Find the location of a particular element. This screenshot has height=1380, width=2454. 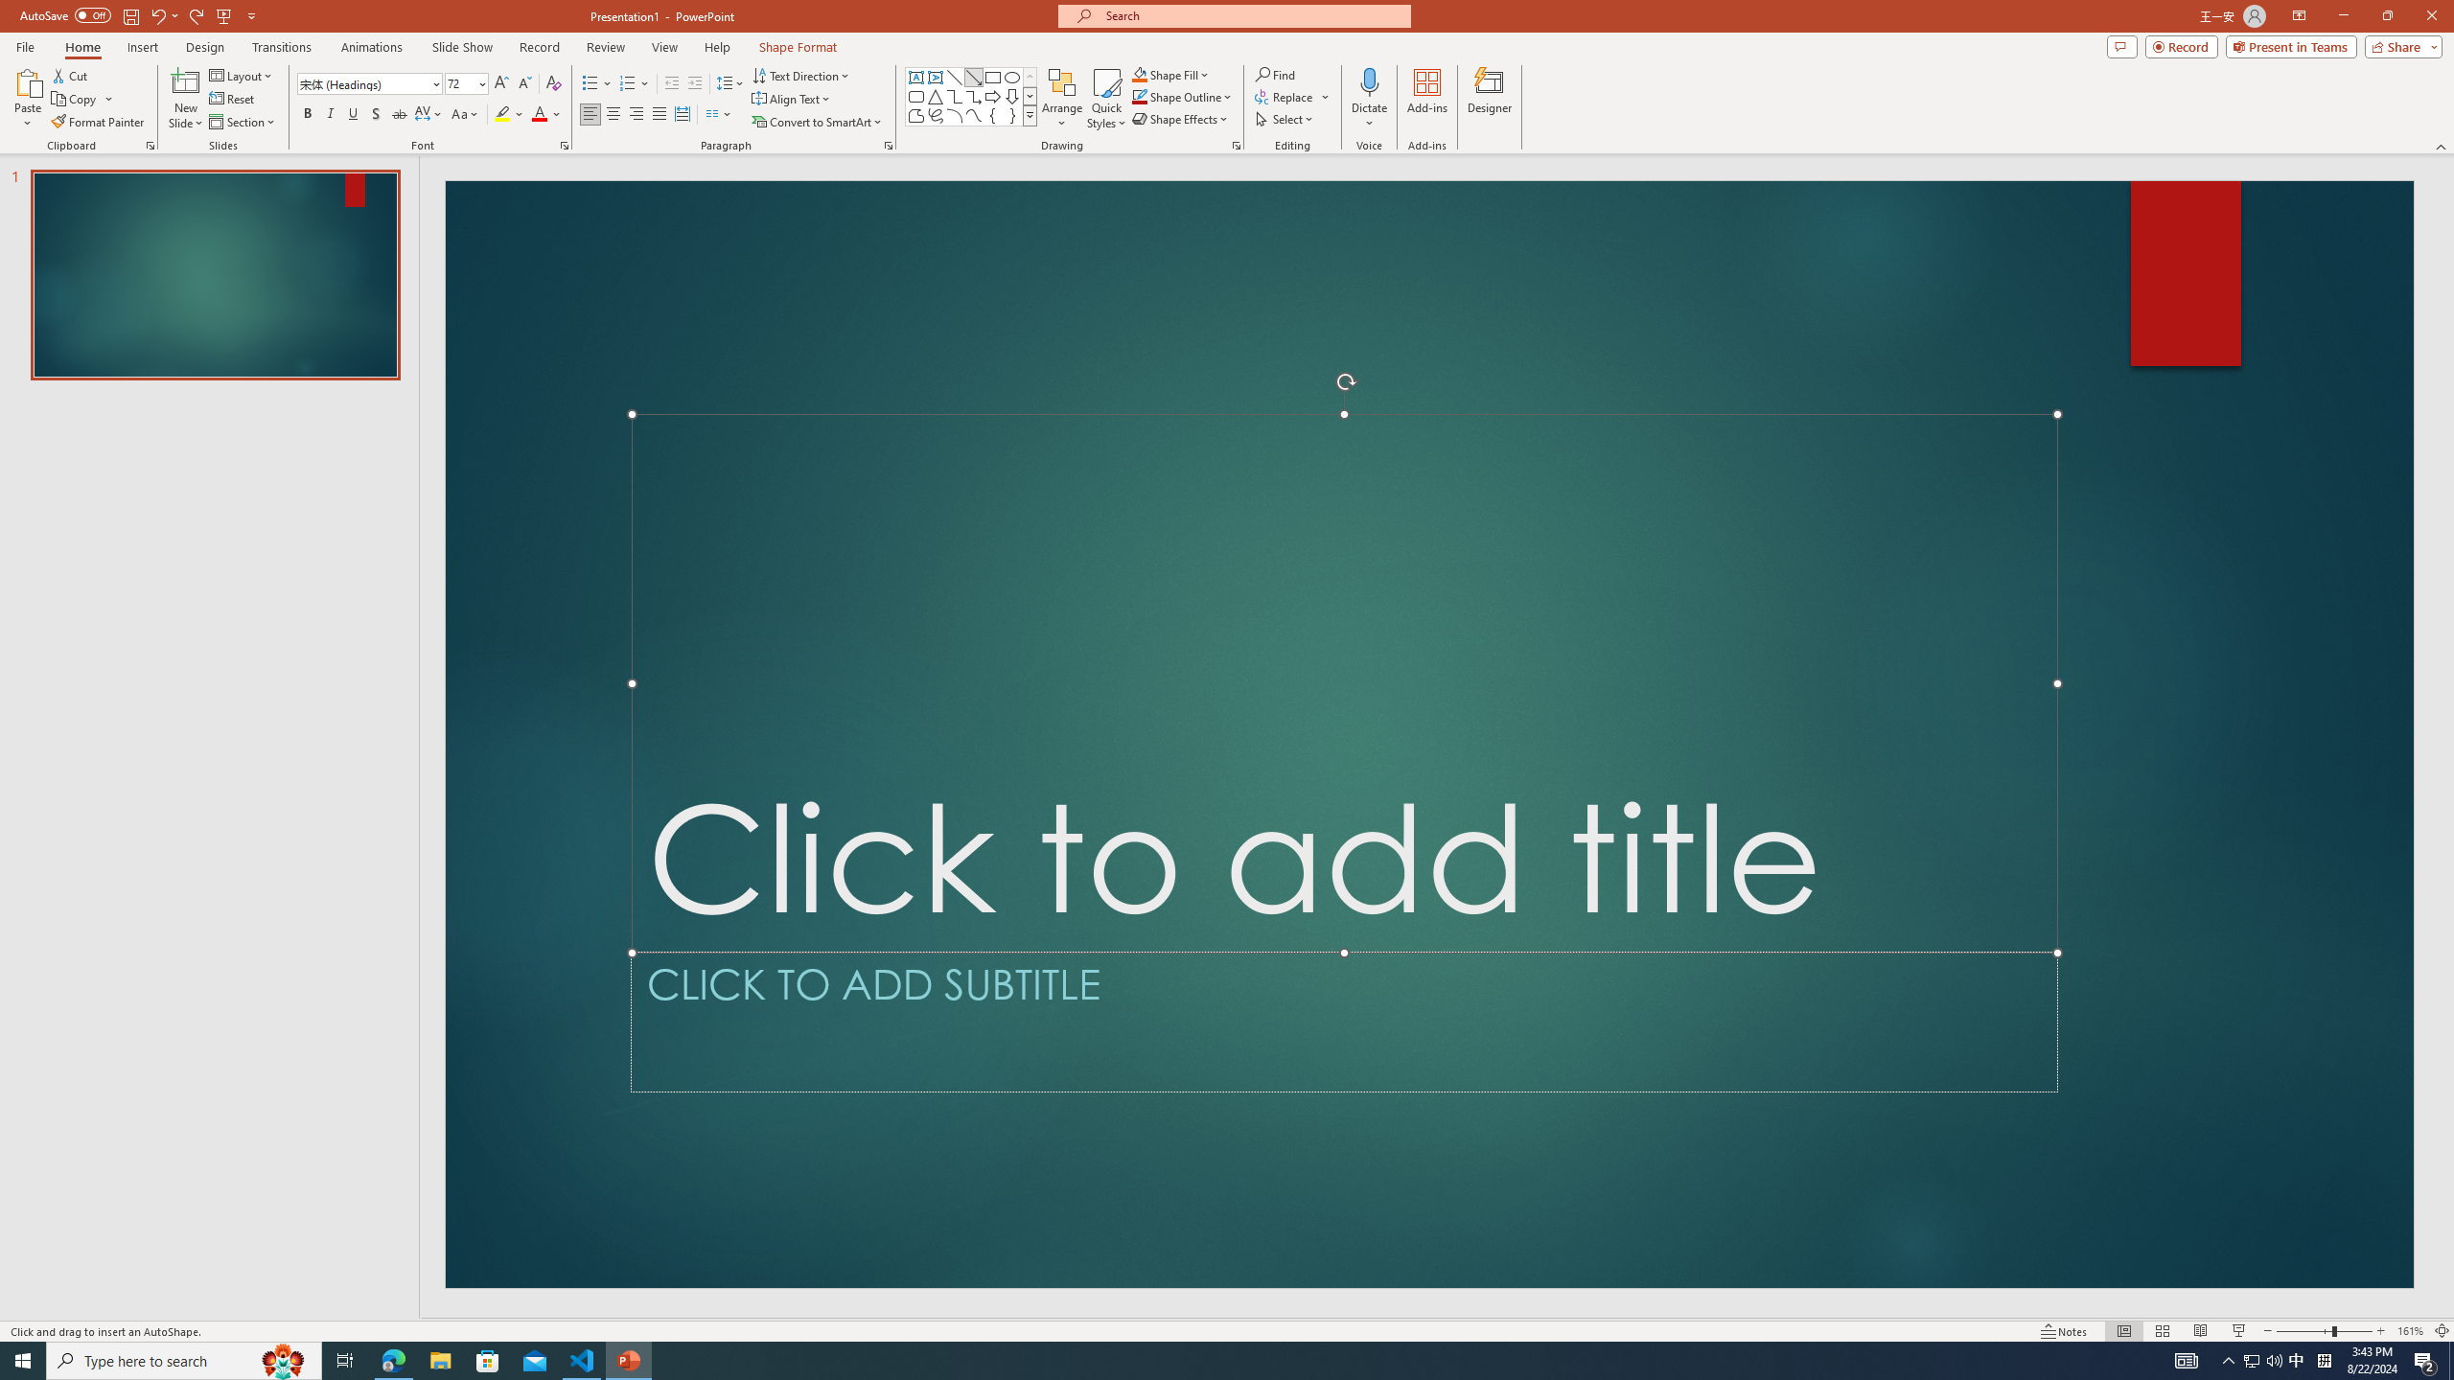

'Shape Effects' is located at coordinates (1180, 117).